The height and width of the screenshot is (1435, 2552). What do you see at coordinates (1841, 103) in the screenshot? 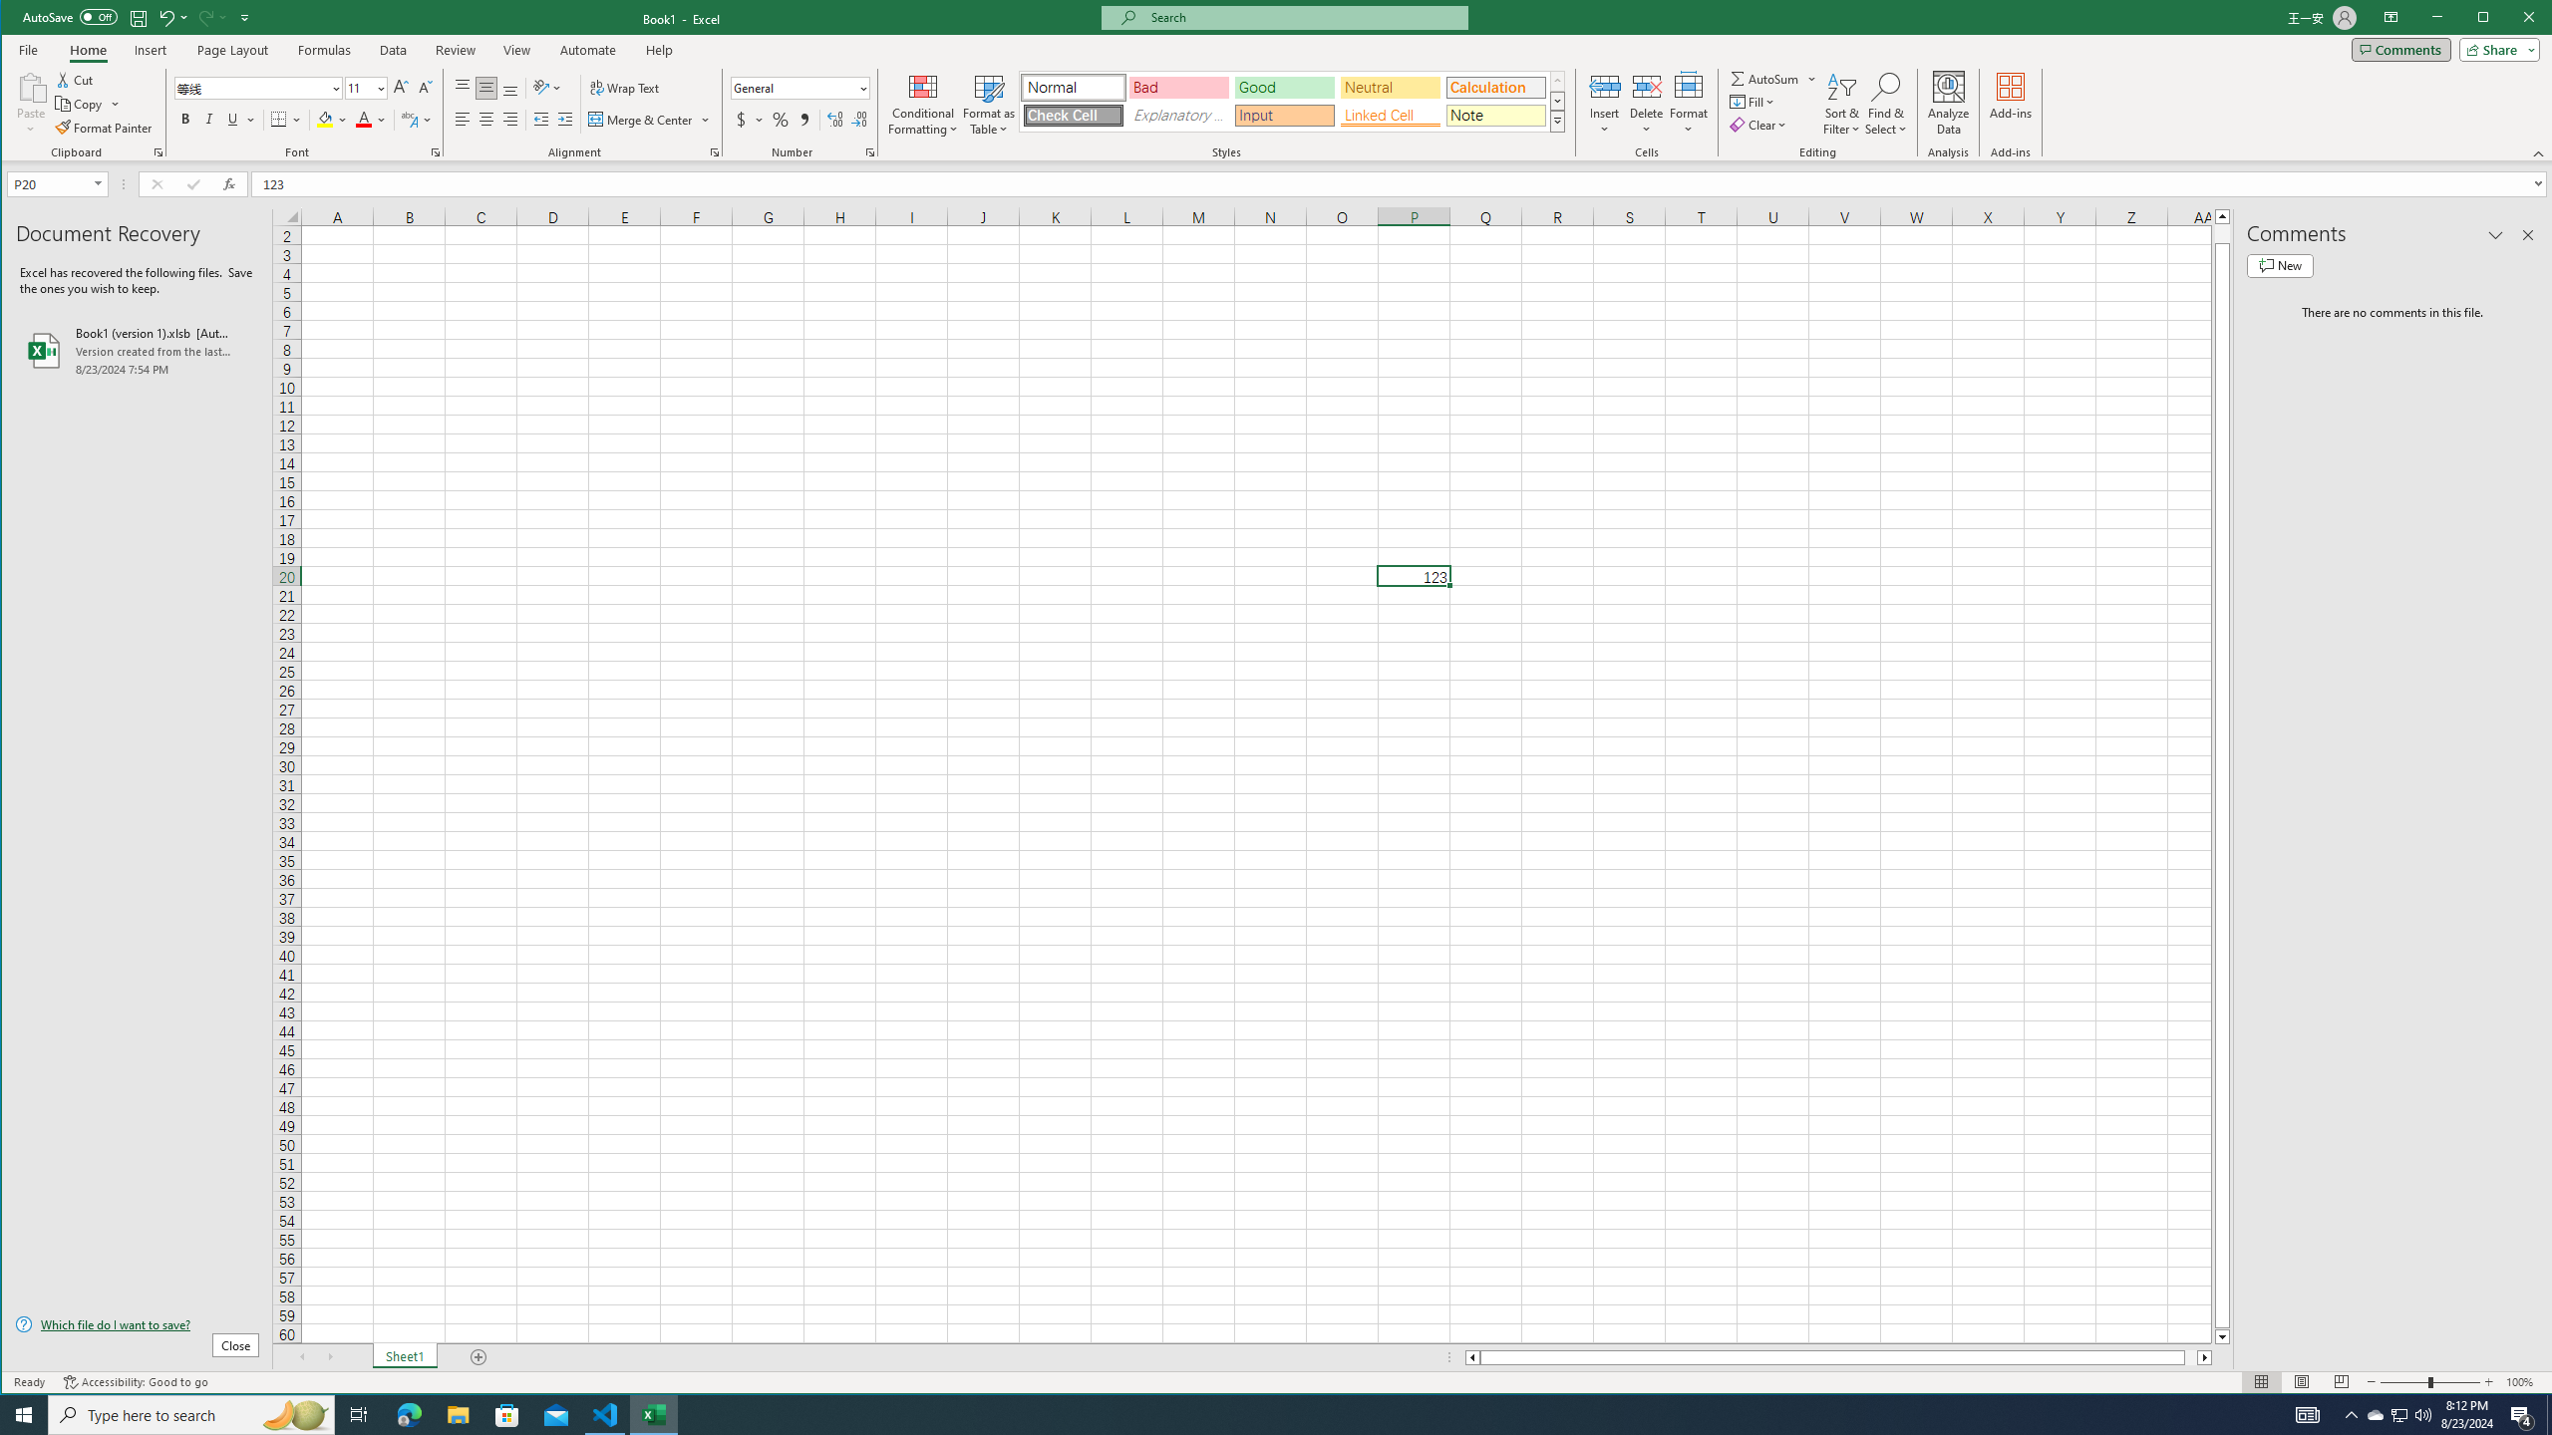
I see `'Sort & Filter'` at bounding box center [1841, 103].